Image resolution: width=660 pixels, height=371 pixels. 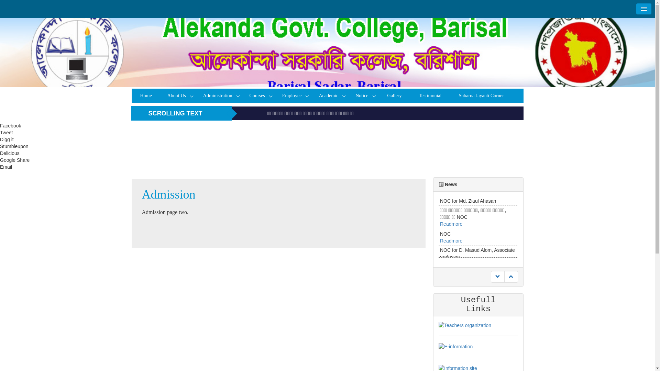 What do you see at coordinates (330, 95) in the screenshot?
I see `'Academic'` at bounding box center [330, 95].